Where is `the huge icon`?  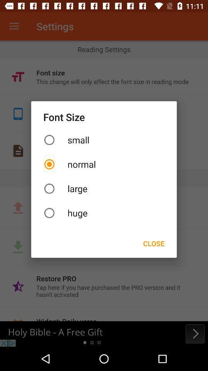 the huge icon is located at coordinates (104, 213).